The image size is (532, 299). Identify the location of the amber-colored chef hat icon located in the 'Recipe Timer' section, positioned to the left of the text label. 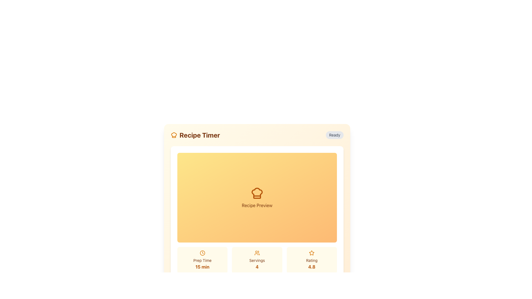
(174, 135).